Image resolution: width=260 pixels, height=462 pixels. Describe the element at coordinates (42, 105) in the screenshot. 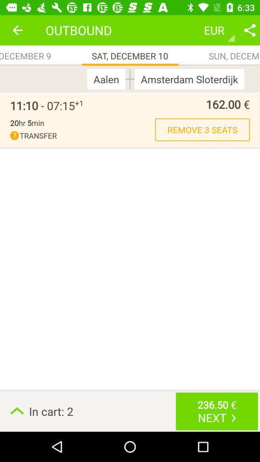

I see `the item to the left of +1 item` at that location.